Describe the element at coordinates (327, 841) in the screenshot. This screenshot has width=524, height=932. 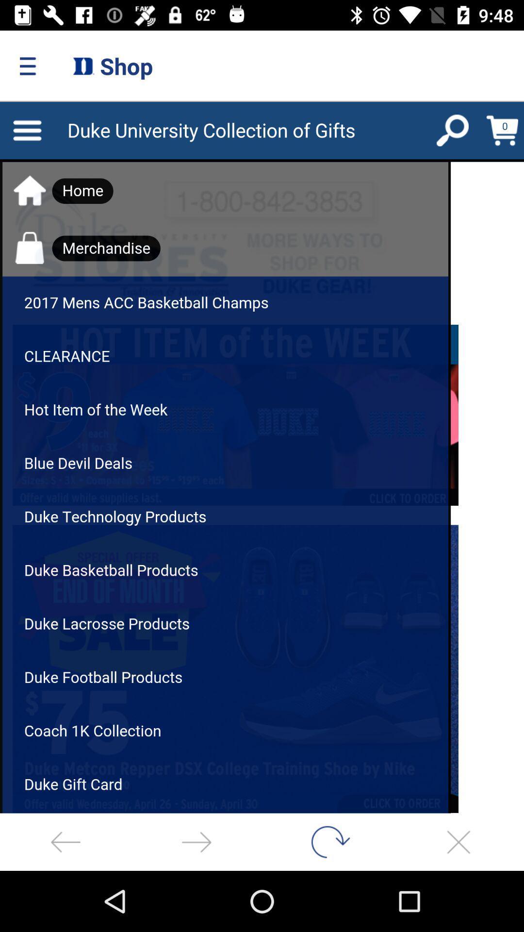
I see `reload the page` at that location.